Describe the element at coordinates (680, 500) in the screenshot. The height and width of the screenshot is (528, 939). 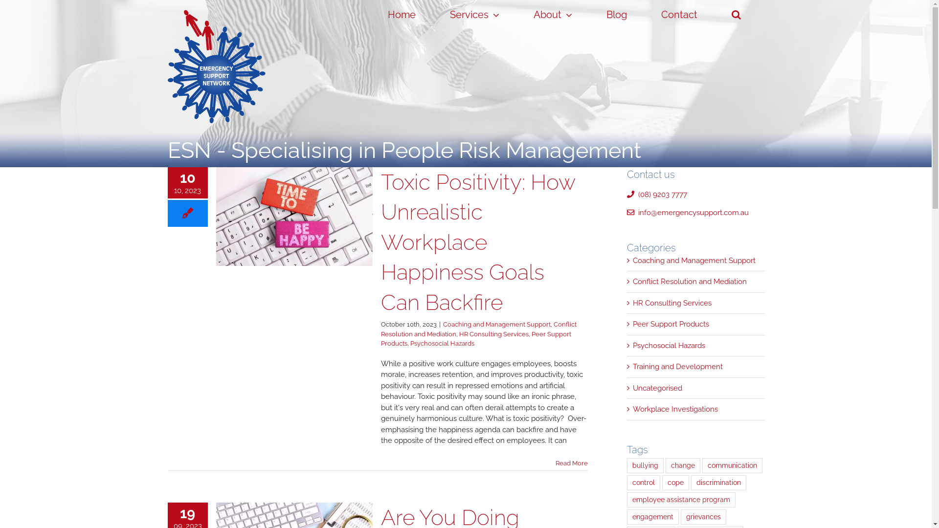
I see `'employee assistance program'` at that location.